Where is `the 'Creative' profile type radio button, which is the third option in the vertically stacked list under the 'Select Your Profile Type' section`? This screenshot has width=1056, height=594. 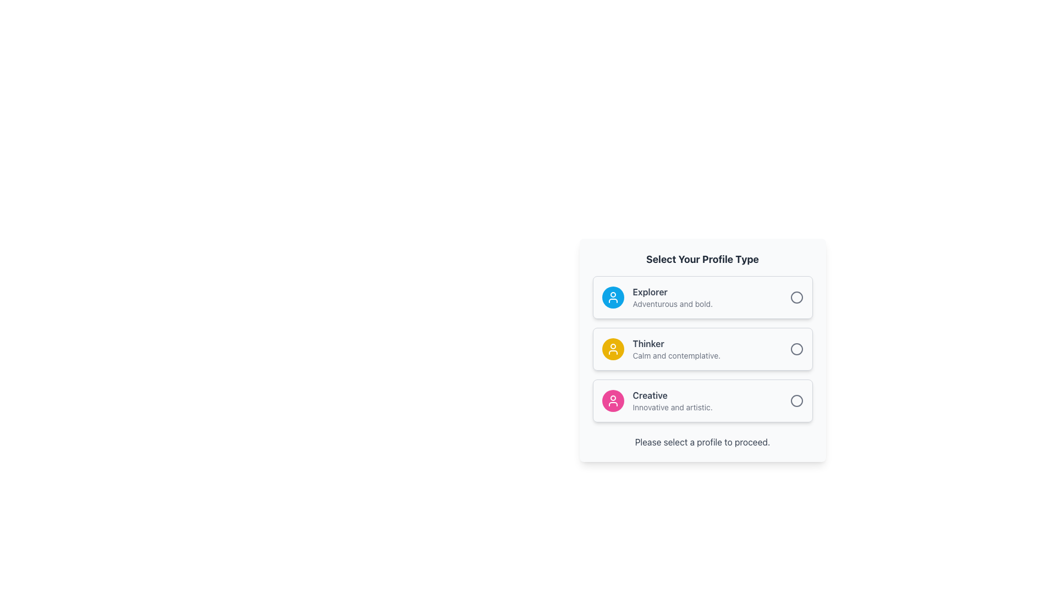 the 'Creative' profile type radio button, which is the third option in the vertically stacked list under the 'Select Your Profile Type' section is located at coordinates (702, 401).